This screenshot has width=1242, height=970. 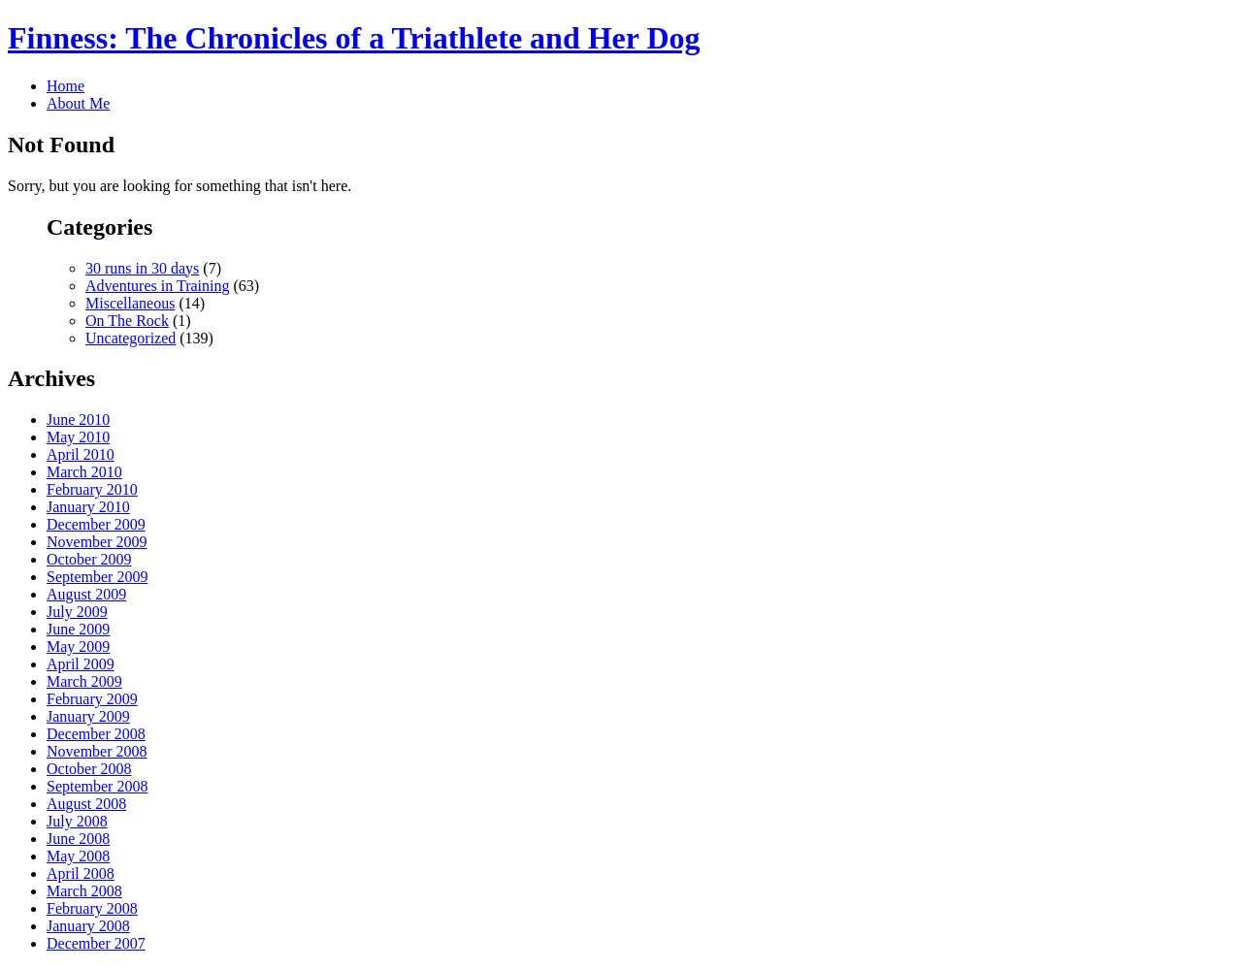 What do you see at coordinates (84, 802) in the screenshot?
I see `'August 2008'` at bounding box center [84, 802].